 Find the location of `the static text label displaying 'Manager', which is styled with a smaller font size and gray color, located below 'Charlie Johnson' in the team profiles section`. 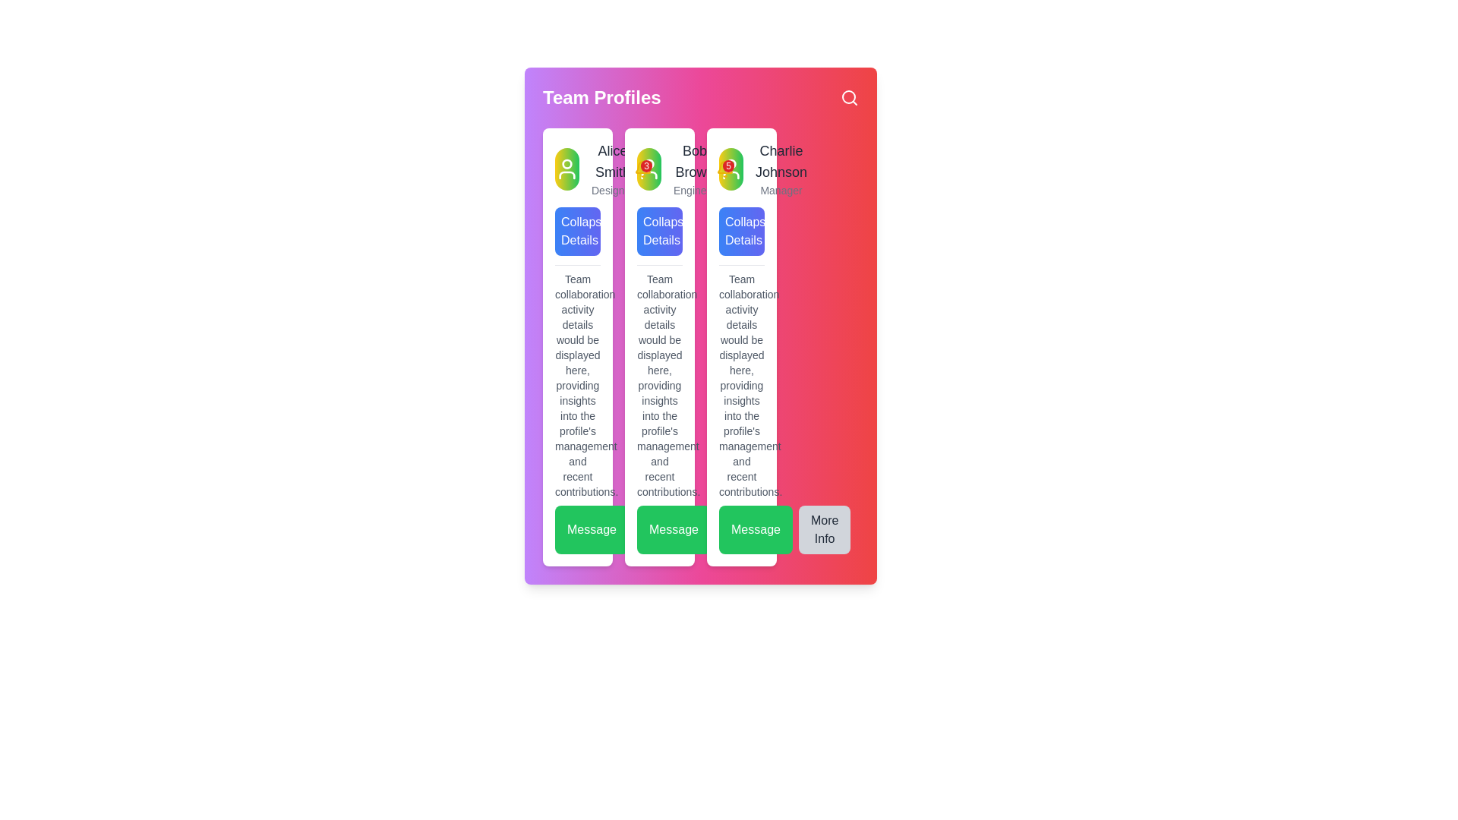

the static text label displaying 'Manager', which is styled with a smaller font size and gray color, located below 'Charlie Johnson' in the team profiles section is located at coordinates (781, 189).